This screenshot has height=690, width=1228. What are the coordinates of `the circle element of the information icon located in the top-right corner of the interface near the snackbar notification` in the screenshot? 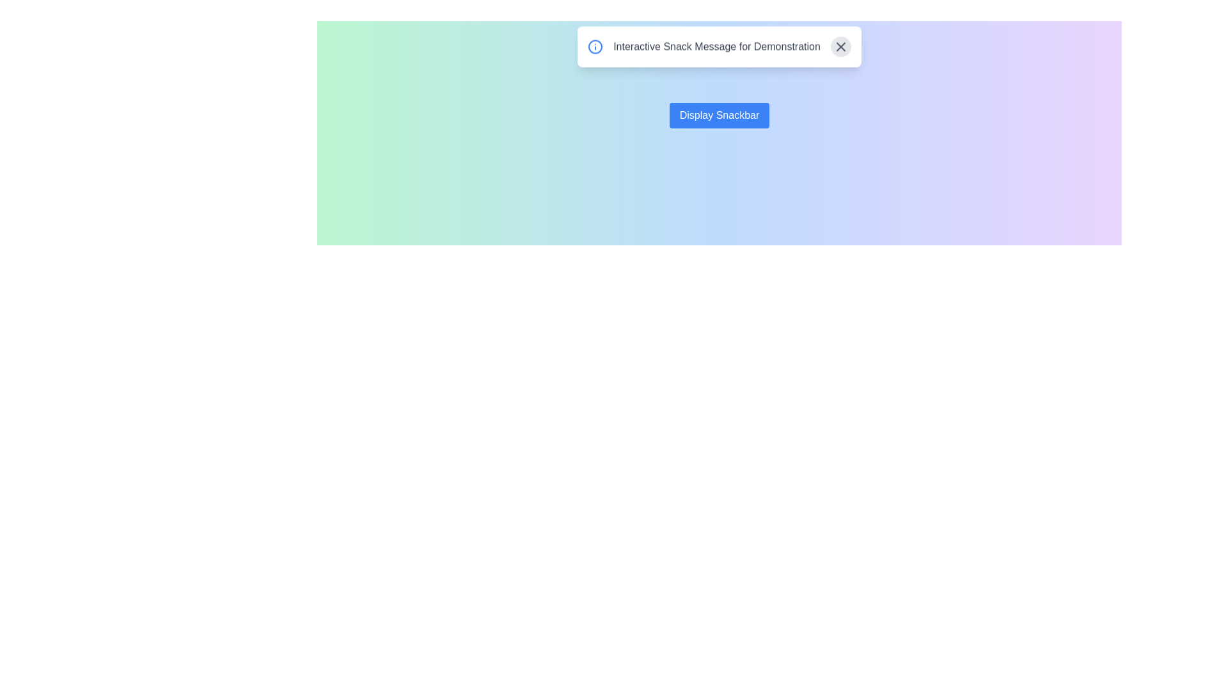 It's located at (595, 51).